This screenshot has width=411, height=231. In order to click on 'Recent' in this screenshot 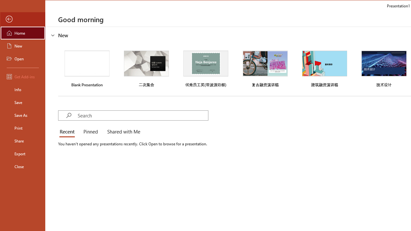, I will do `click(68, 132)`.